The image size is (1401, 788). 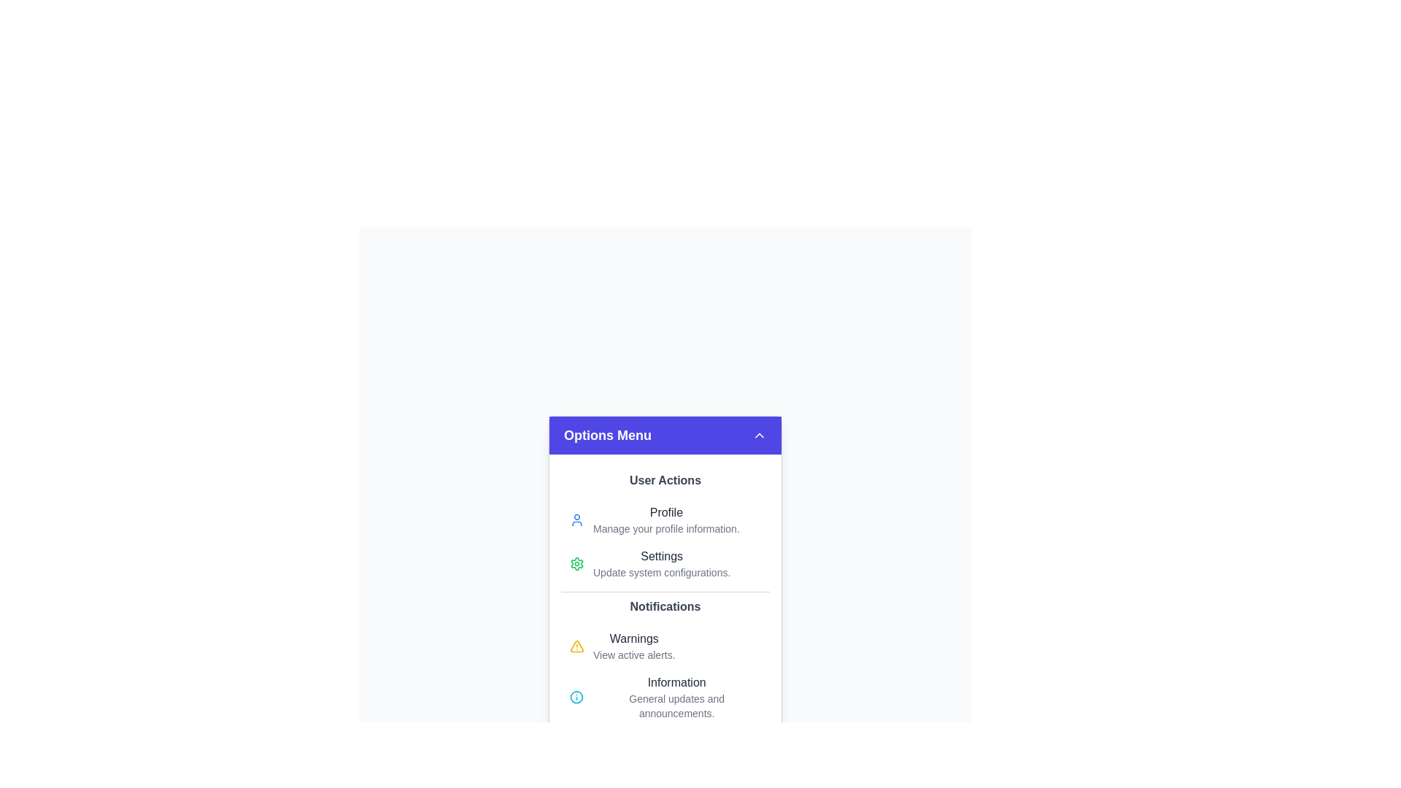 I want to click on the 'Notifications' label, which is styled with gray color and bold font, located under the 'User Actions' section and above the 'Warnings' section, so click(x=665, y=607).